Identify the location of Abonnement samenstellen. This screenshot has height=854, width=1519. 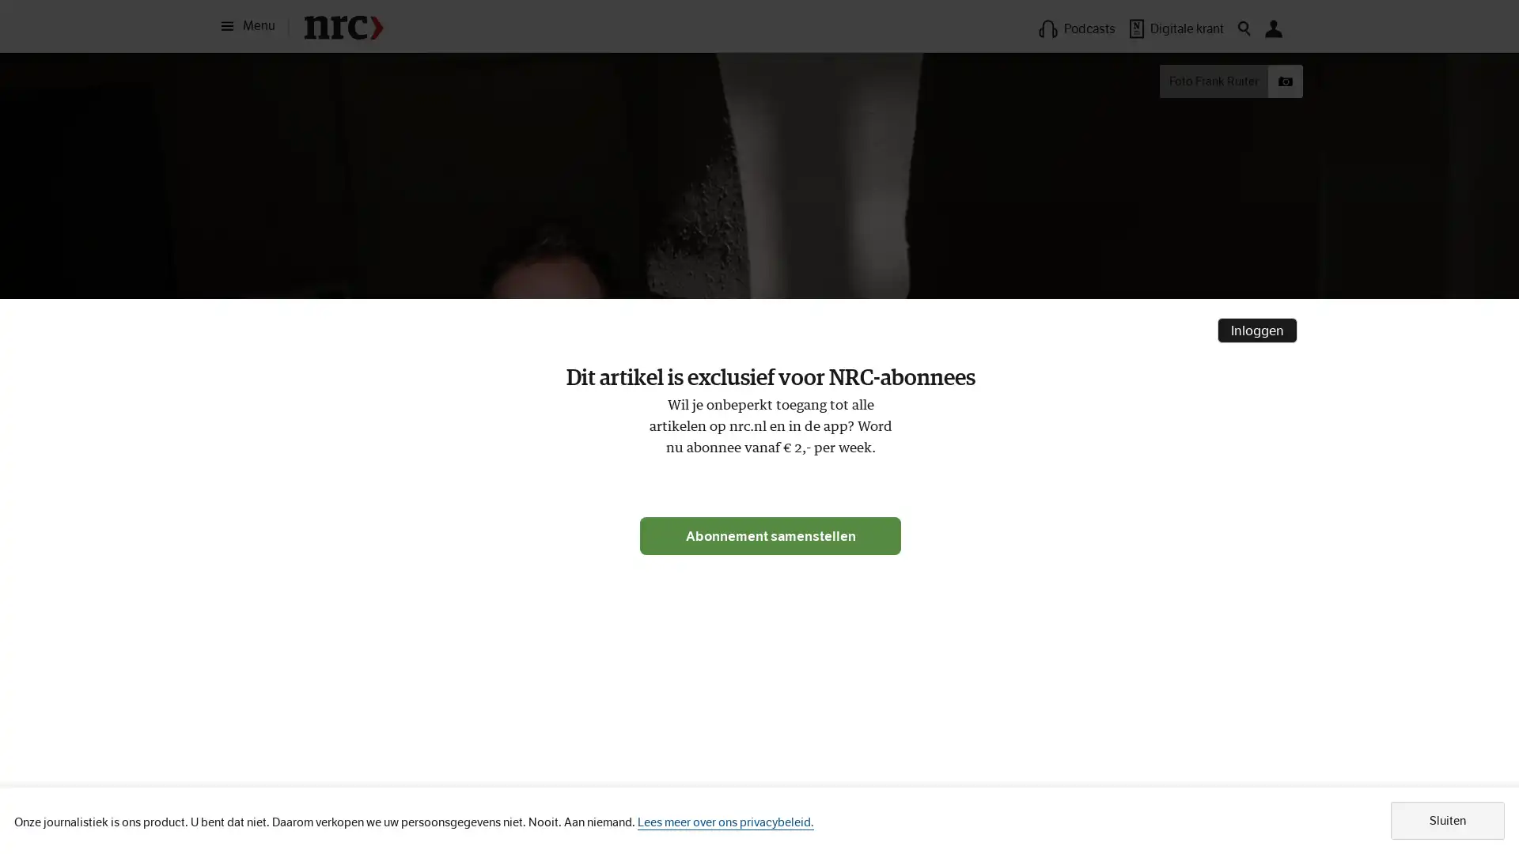
(771, 535).